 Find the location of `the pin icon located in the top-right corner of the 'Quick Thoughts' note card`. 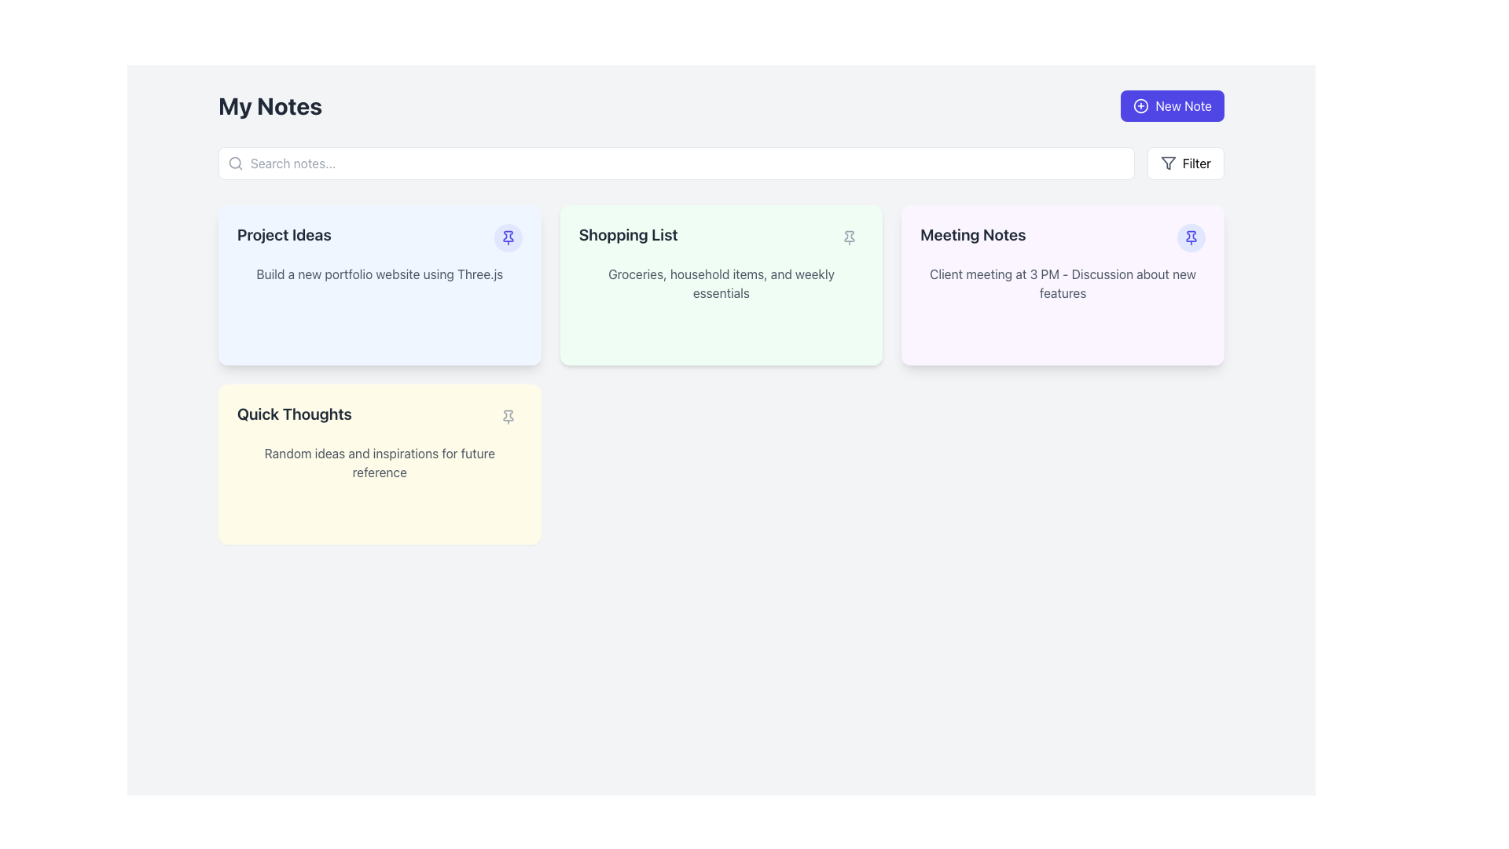

the pin icon located in the top-right corner of the 'Quick Thoughts' note card is located at coordinates (508, 414).